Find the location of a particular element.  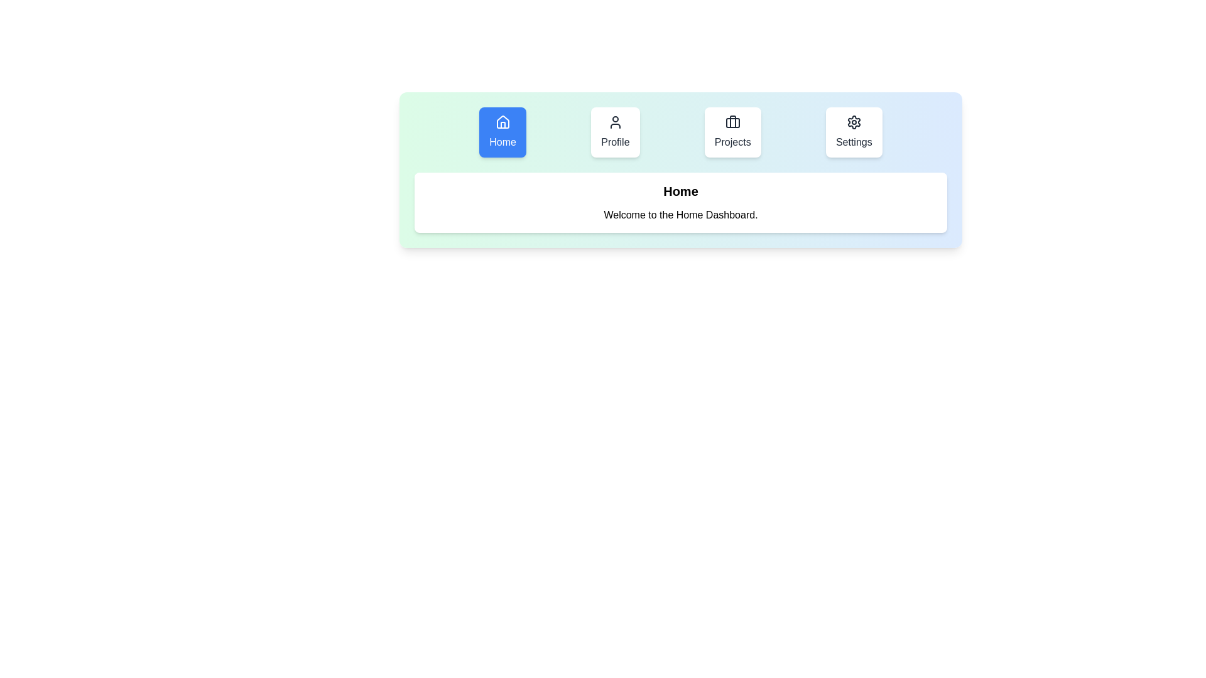

the tab labeled Home to inspect its content is located at coordinates (503, 132).